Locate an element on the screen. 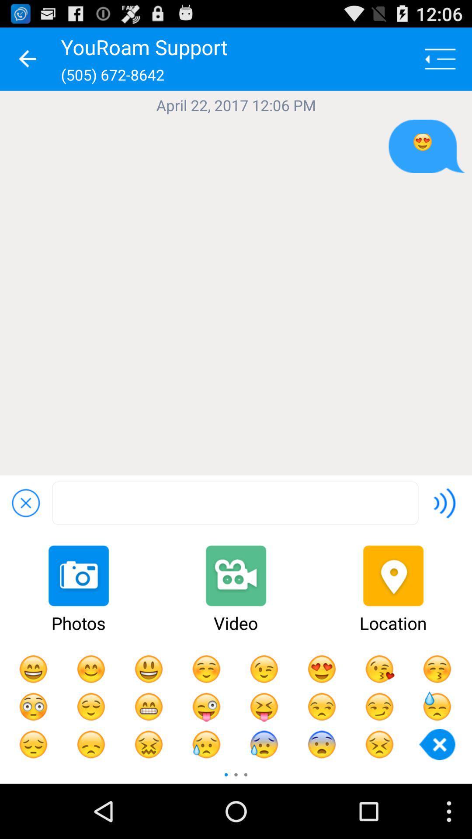 Image resolution: width=472 pixels, height=839 pixels. message text box is located at coordinates (235, 503).